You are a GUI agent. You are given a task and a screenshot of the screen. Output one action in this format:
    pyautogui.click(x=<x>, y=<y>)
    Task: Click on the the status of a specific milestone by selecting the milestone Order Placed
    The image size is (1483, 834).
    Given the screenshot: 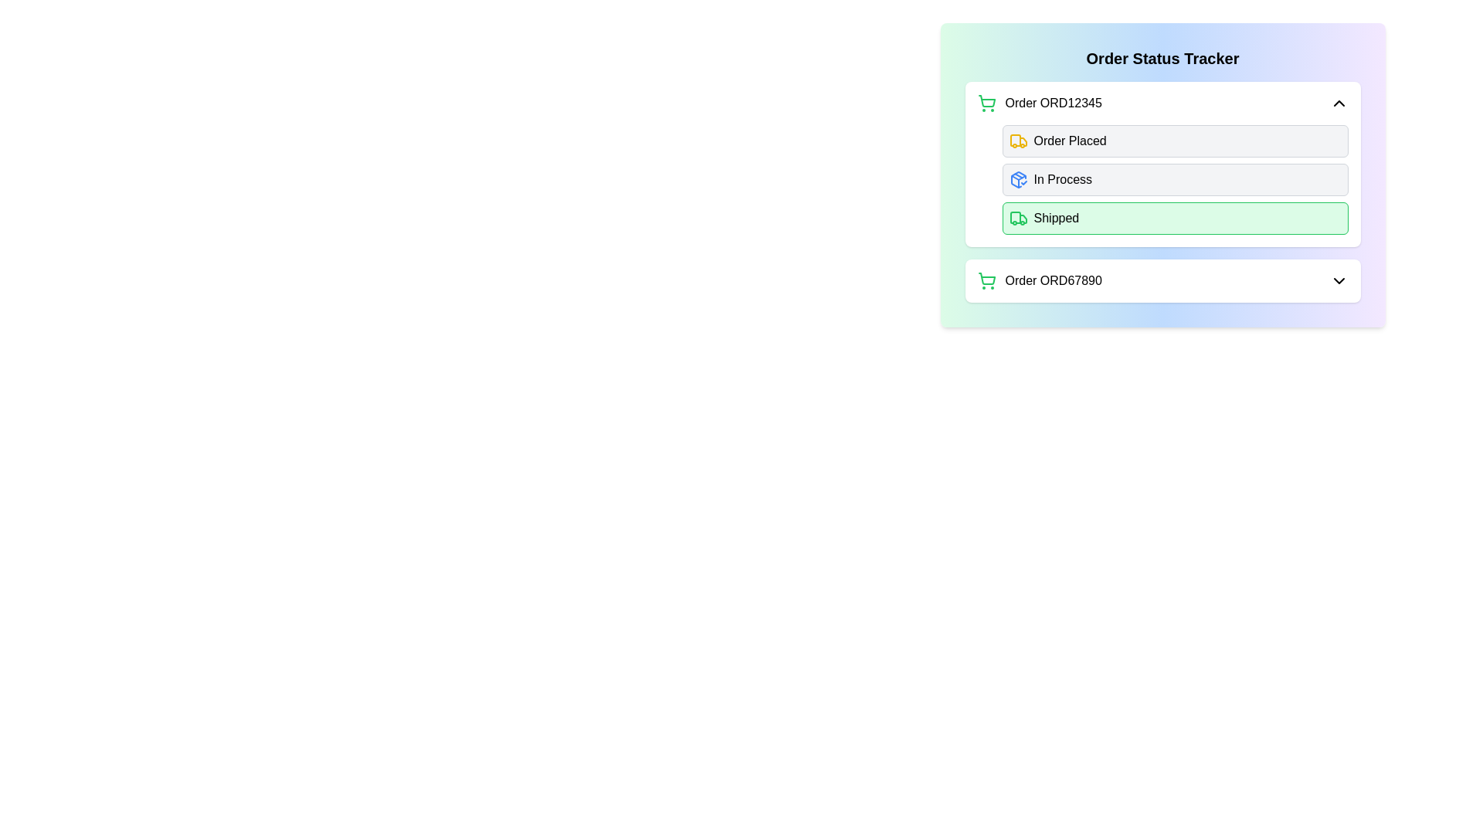 What is the action you would take?
    pyautogui.click(x=1018, y=141)
    